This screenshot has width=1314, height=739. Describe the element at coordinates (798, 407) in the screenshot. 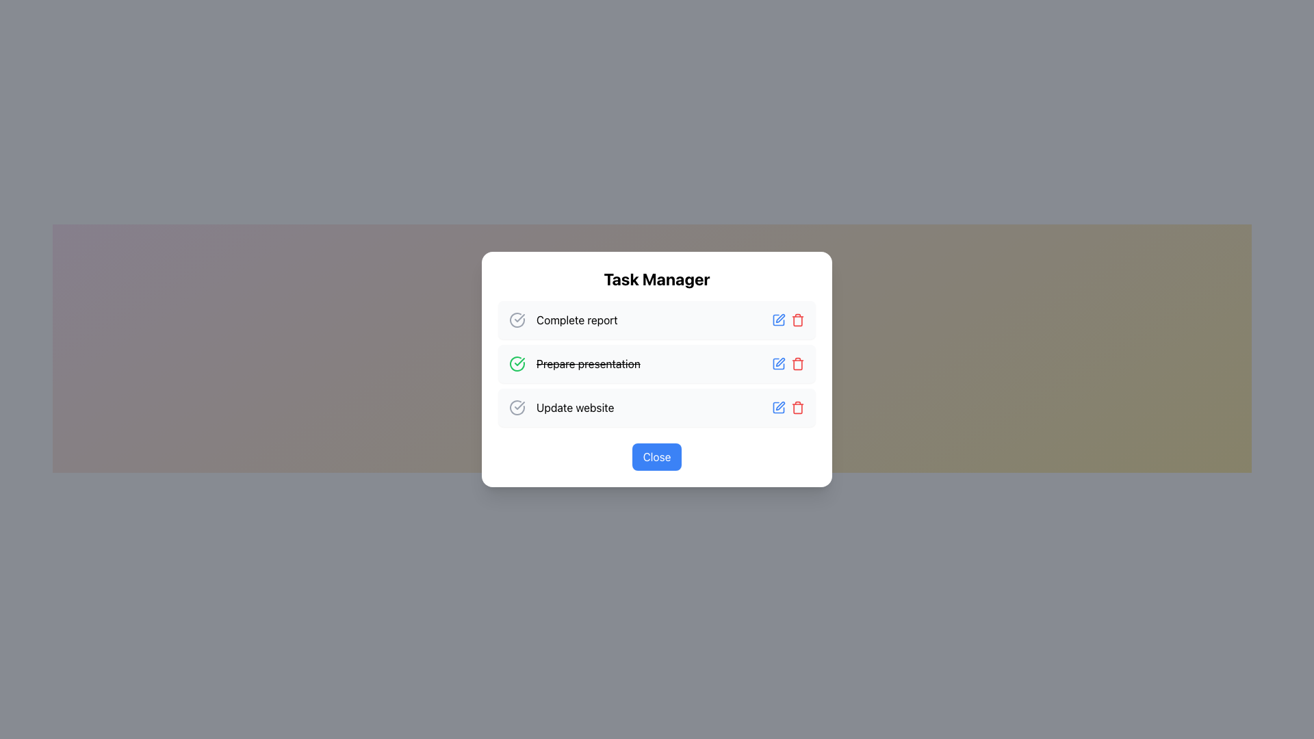

I see `the red trash icon located at the bottom-right corner of the 'Prepare presentation' task row` at that location.